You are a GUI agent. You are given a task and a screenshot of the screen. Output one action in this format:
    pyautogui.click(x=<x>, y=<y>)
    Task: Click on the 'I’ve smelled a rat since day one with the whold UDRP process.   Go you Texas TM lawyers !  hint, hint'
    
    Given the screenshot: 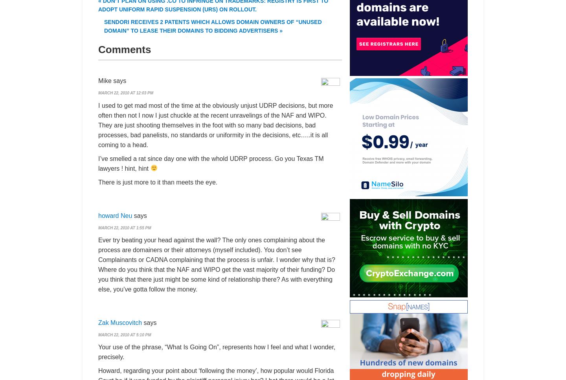 What is the action you would take?
    pyautogui.click(x=97, y=163)
    